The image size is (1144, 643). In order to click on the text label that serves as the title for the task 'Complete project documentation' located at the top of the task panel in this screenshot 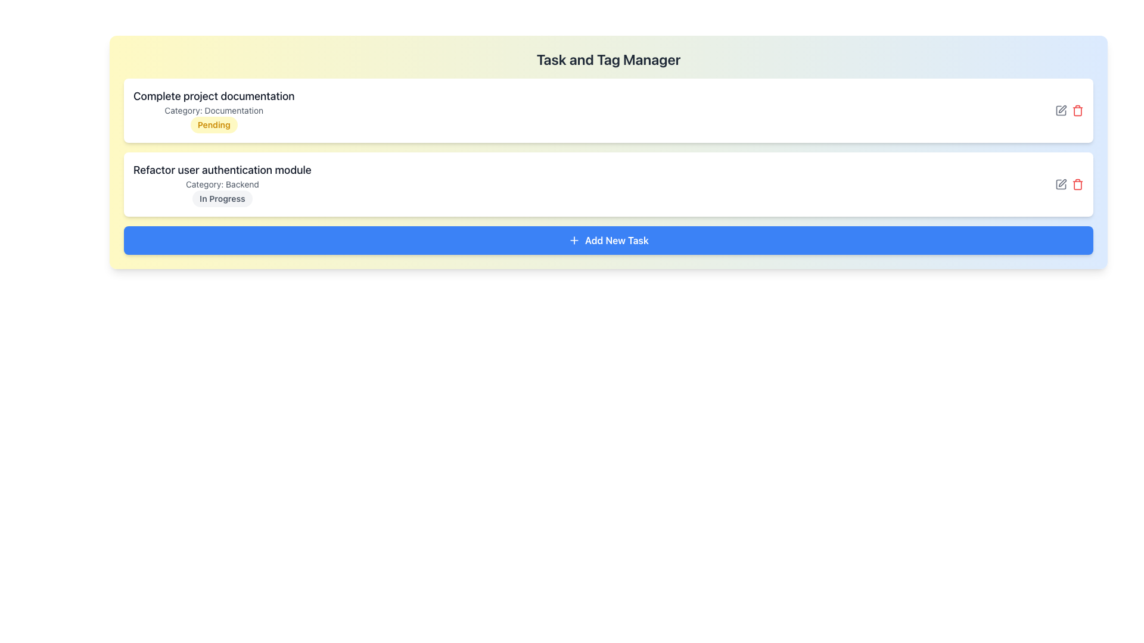, I will do `click(214, 96)`.